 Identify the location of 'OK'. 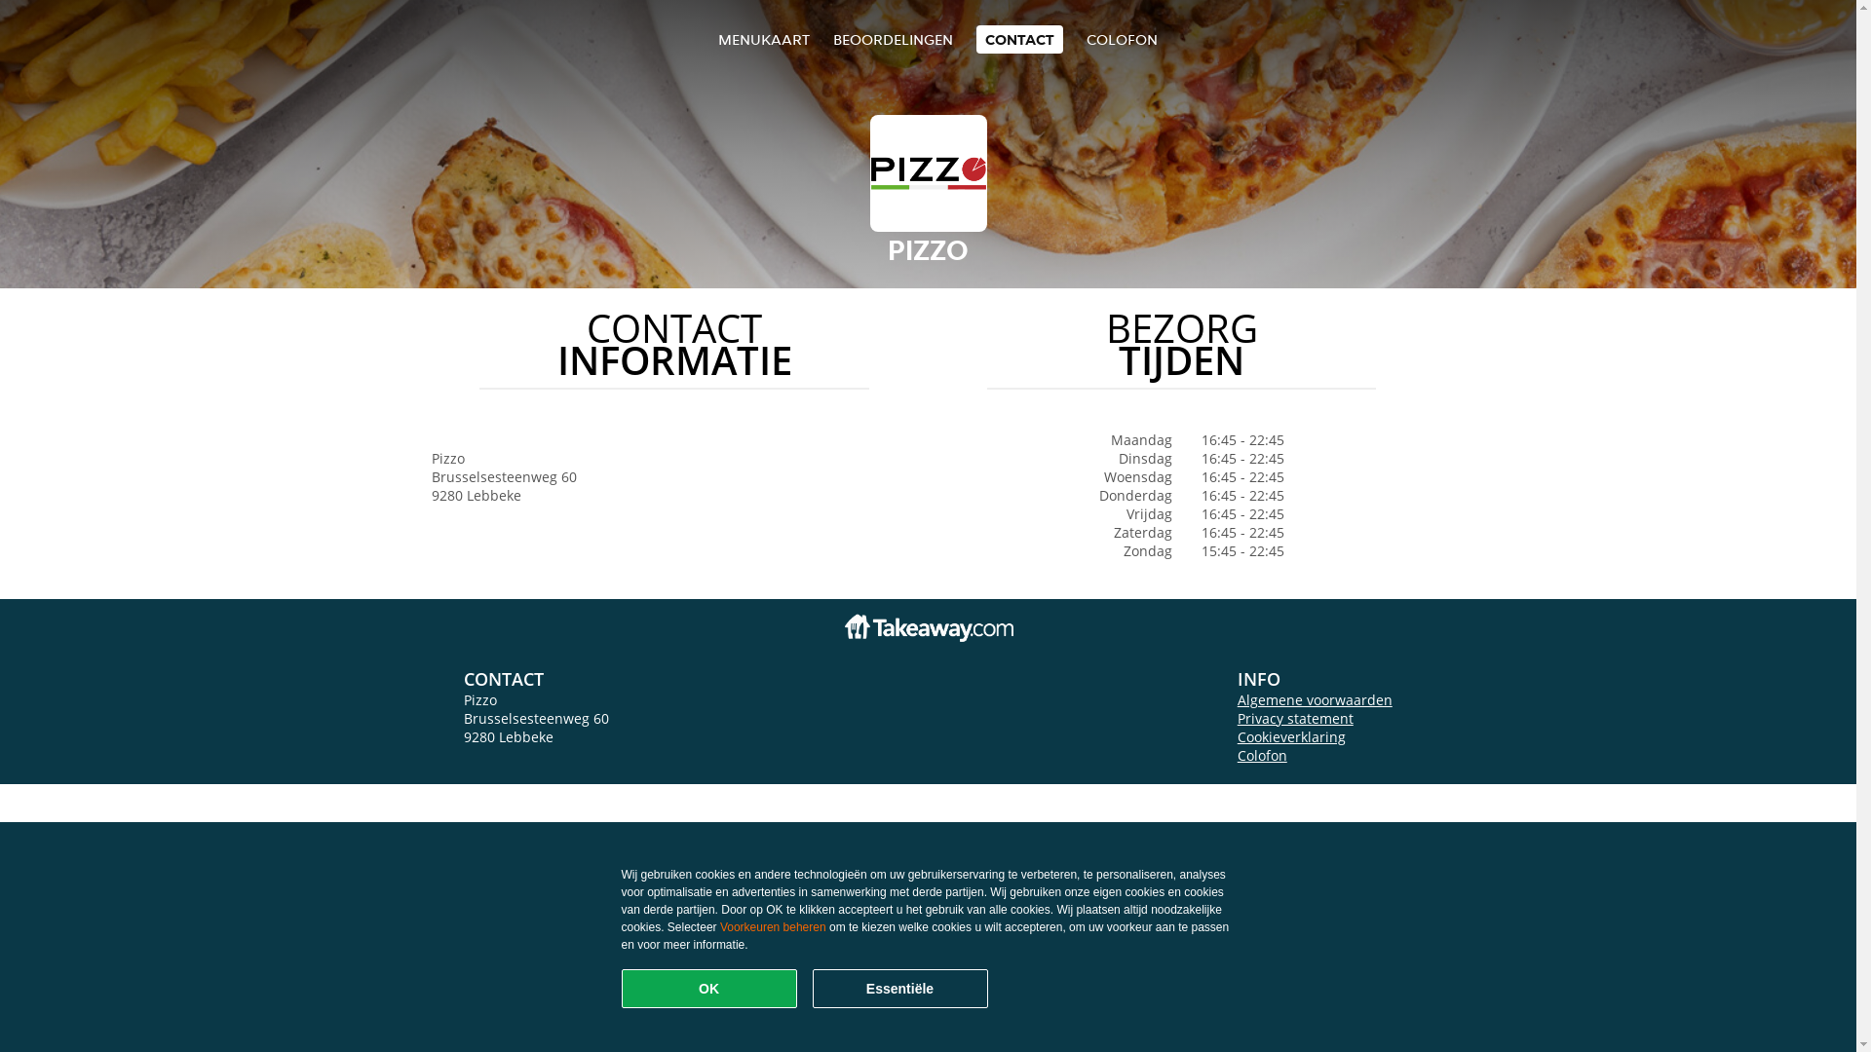
(708, 988).